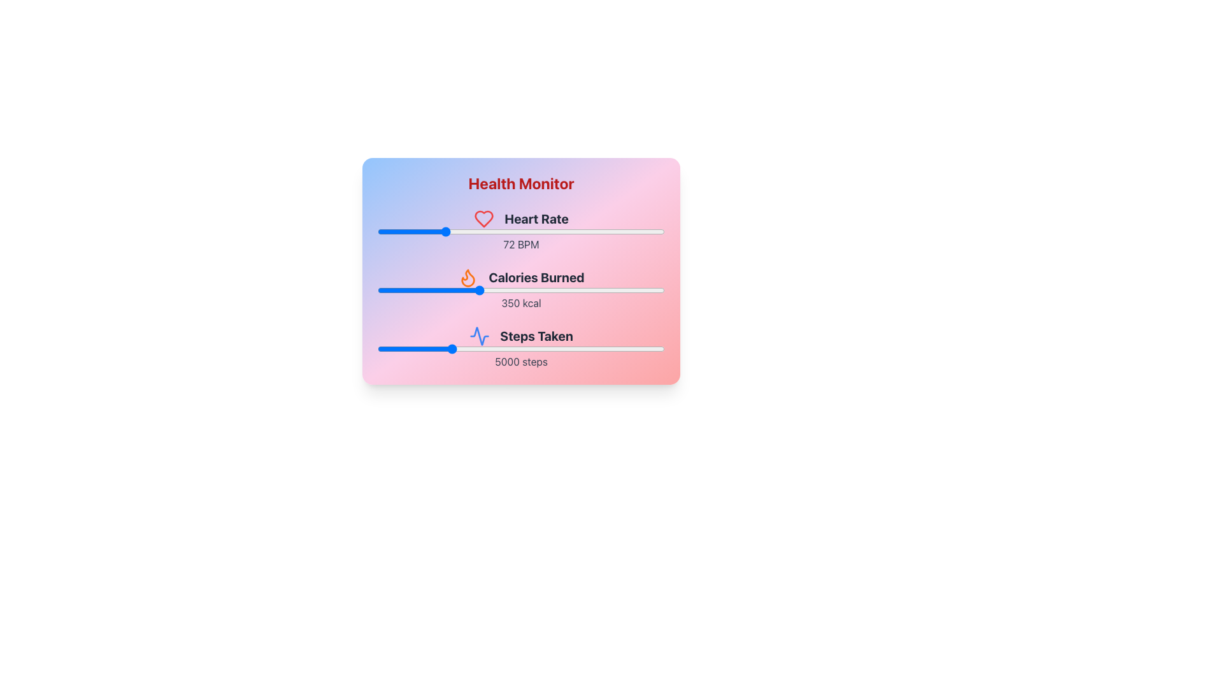 The image size is (1223, 688). Describe the element at coordinates (536, 218) in the screenshot. I see `the bold, large text label 'Heart Rate' that is centrally located within the health monitoring interface` at that location.